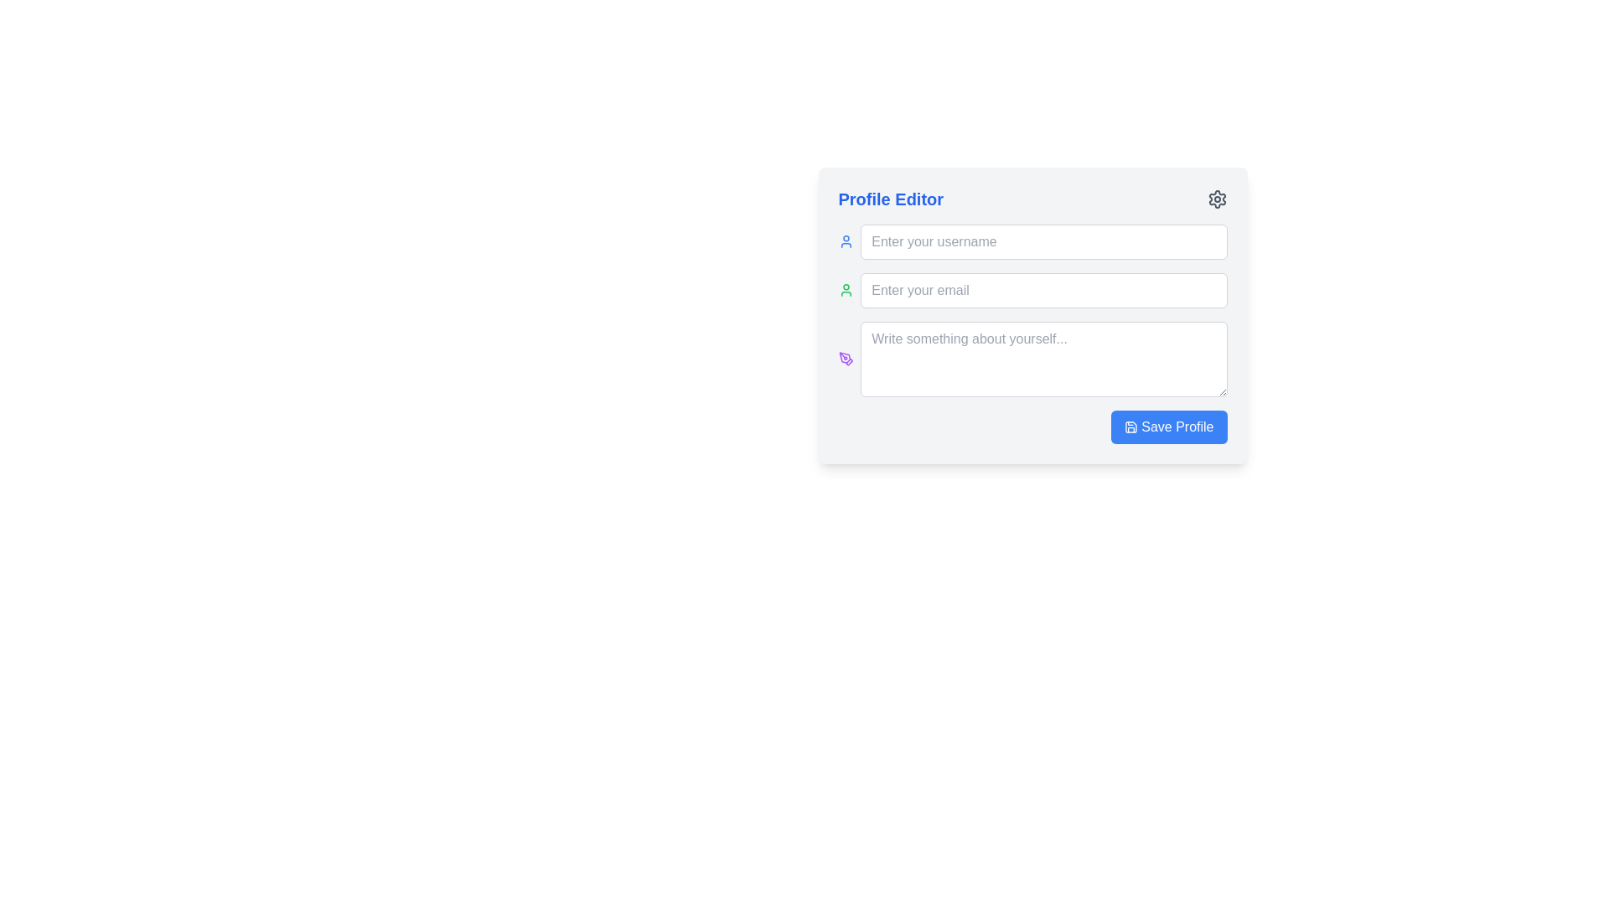  I want to click on the 'Save Profile' button located at the bottom-right of the profile editor to trigger a visual hover effect, so click(1032, 426).